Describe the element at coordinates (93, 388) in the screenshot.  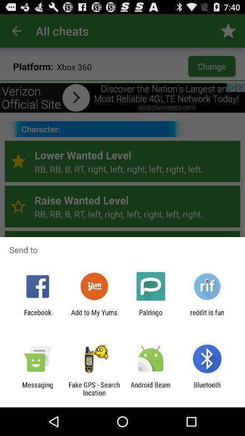
I see `the icon next to the messaging app` at that location.